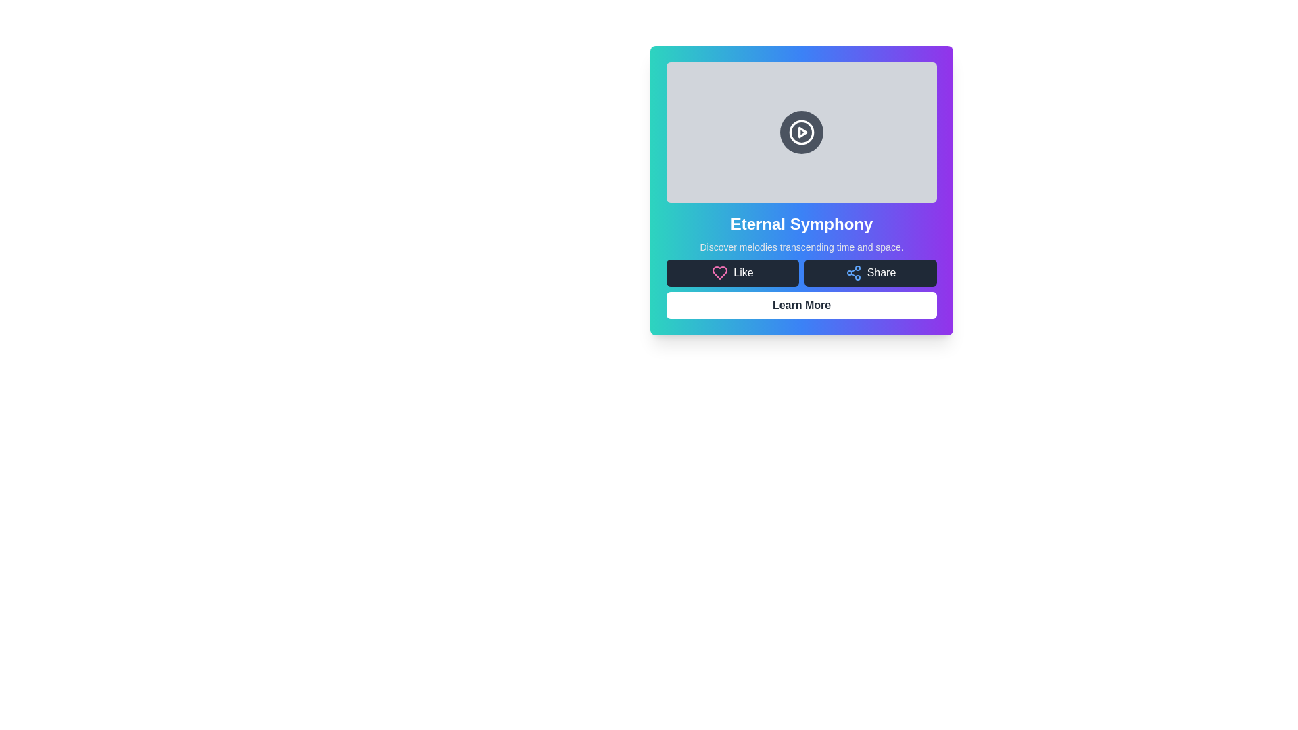 The image size is (1298, 730). Describe the element at coordinates (732, 273) in the screenshot. I see `the 'Like' button, which is a button-like component featuring a pink heart icon and the text 'Like', located below the 'Eternal Symphony' section and to the left of the 'Share' button` at that location.